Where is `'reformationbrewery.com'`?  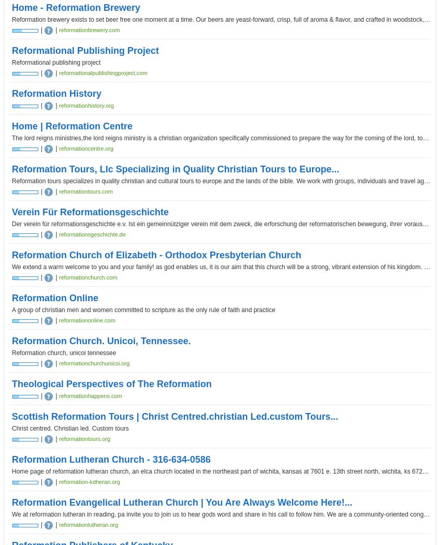 'reformationbrewery.com' is located at coordinates (58, 30).